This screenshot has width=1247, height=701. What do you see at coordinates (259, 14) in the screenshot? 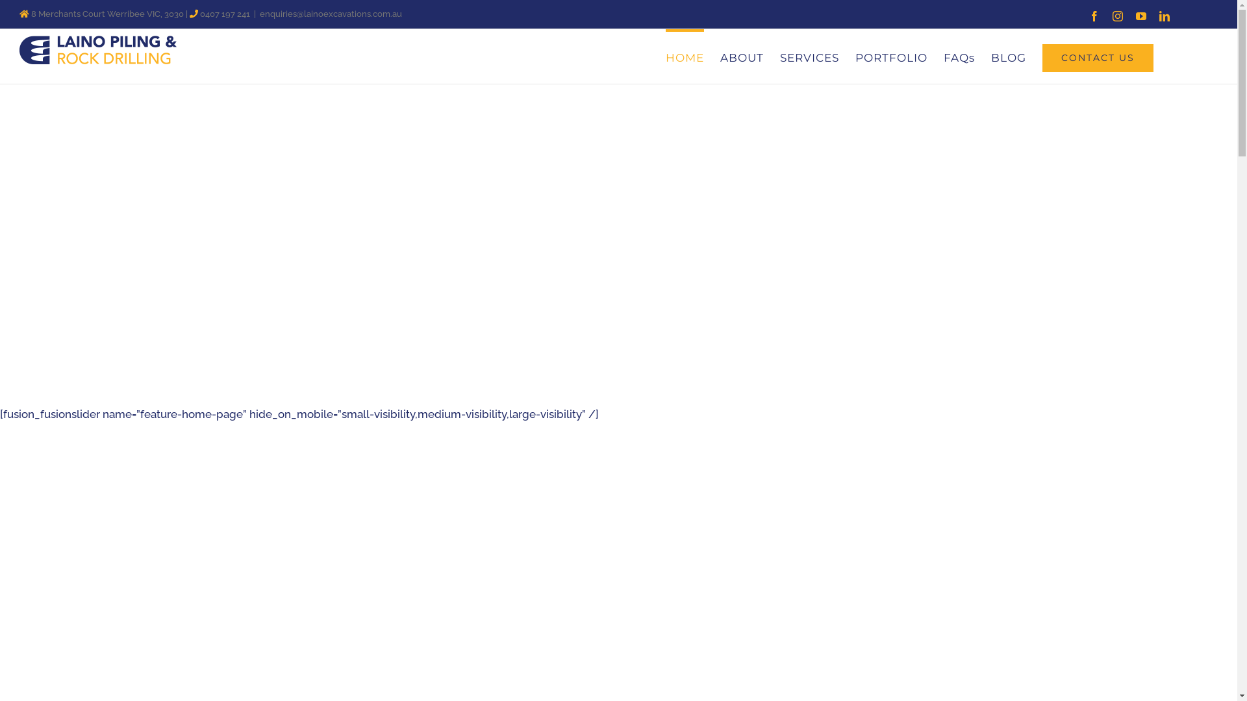
I see `'enquiries@lainoexcavations.com.au'` at bounding box center [259, 14].